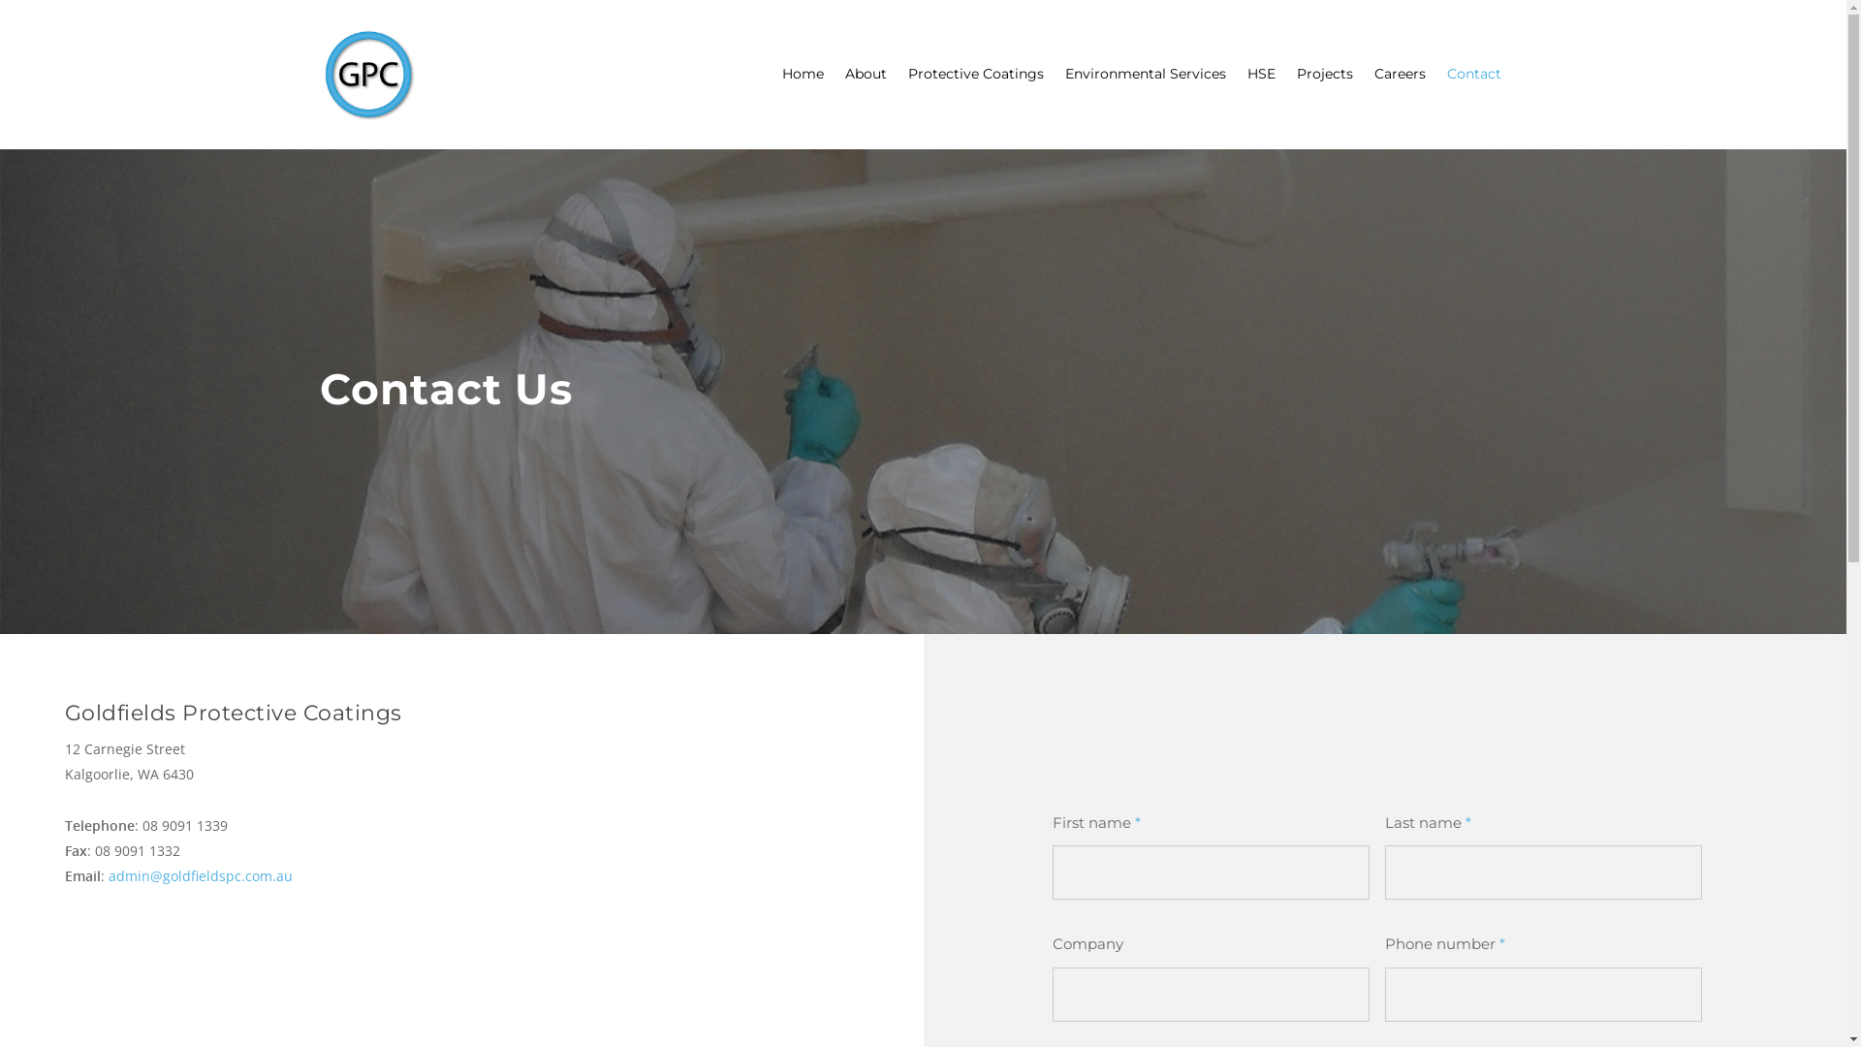  What do you see at coordinates (865, 88) in the screenshot?
I see `'About'` at bounding box center [865, 88].